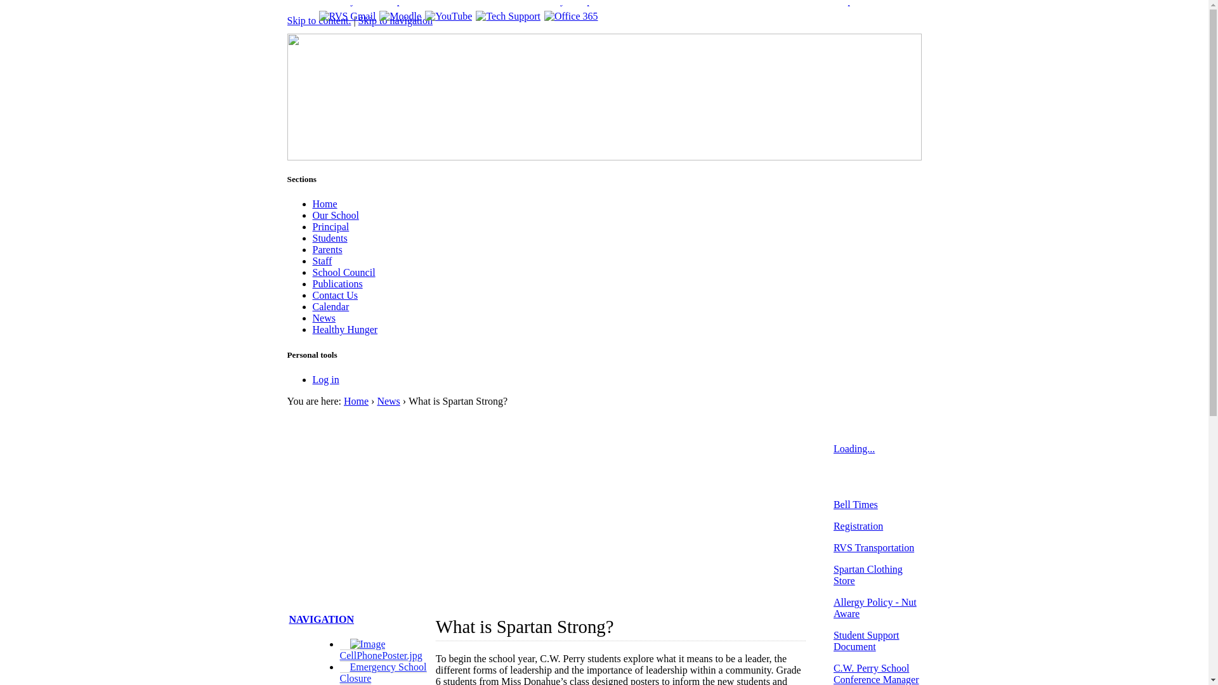 This screenshot has width=1218, height=685. I want to click on 'Registration', so click(858, 526).